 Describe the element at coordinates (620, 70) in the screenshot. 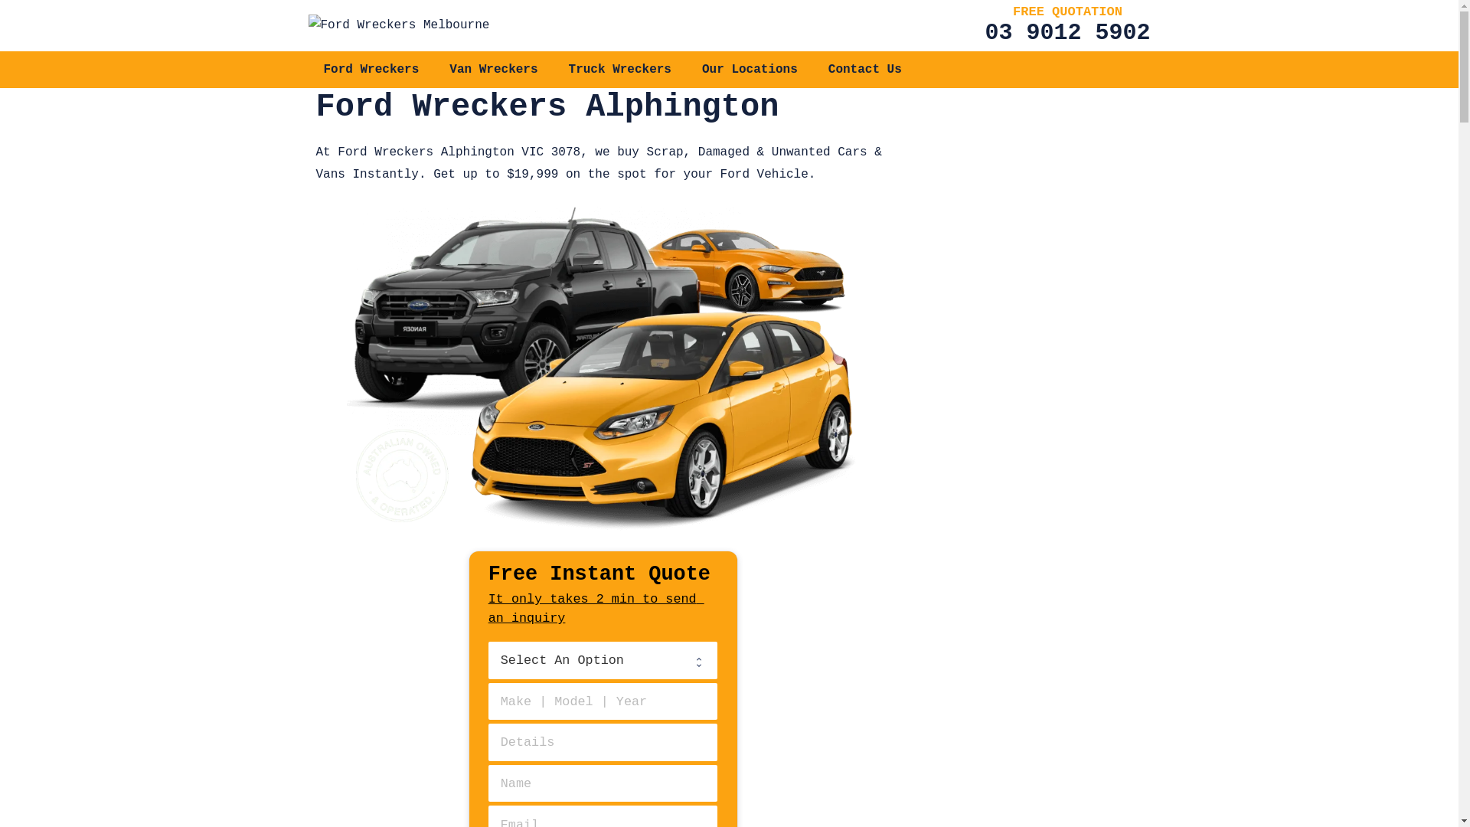

I see `'Truck Wreckers'` at that location.